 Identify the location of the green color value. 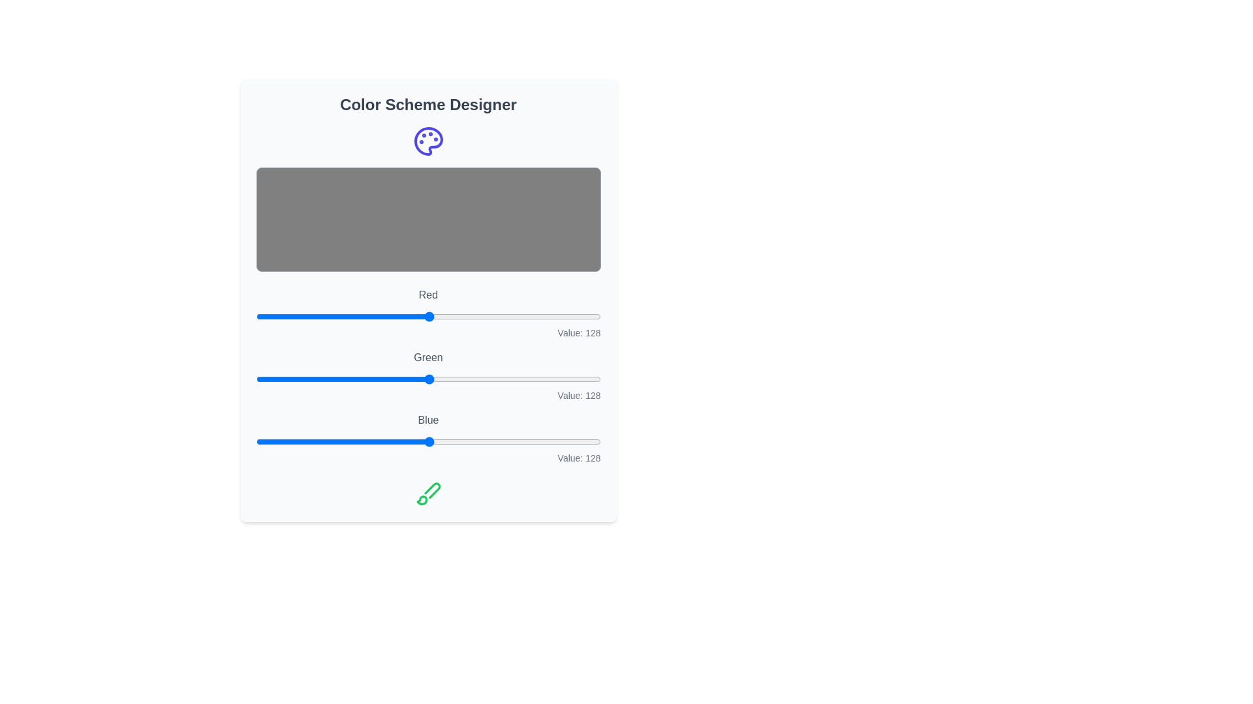
(523, 379).